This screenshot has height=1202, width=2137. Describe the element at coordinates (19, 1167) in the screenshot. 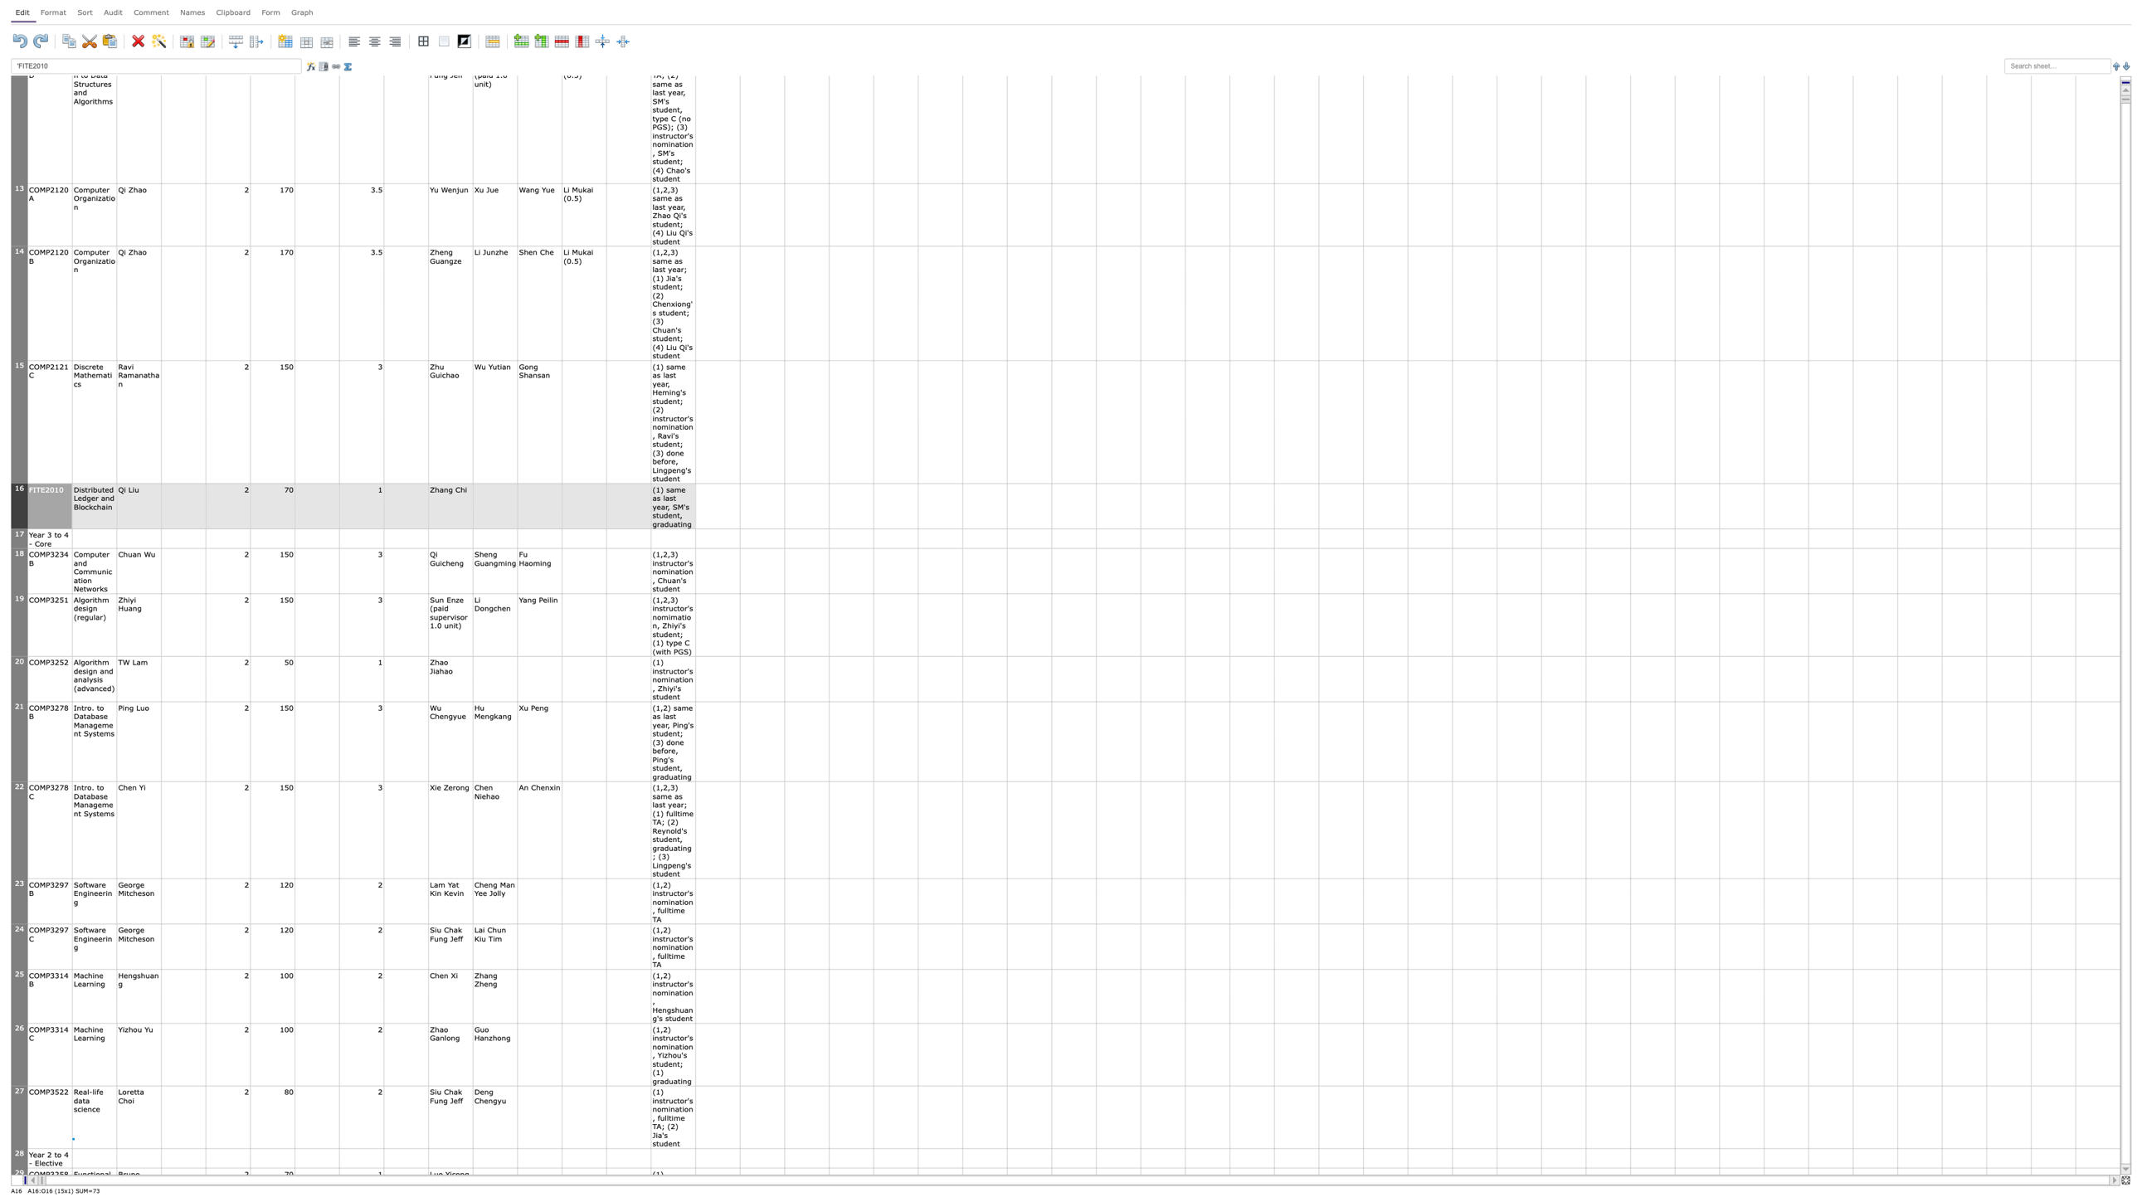

I see `Position mouse at row 28's height adjustment area` at that location.